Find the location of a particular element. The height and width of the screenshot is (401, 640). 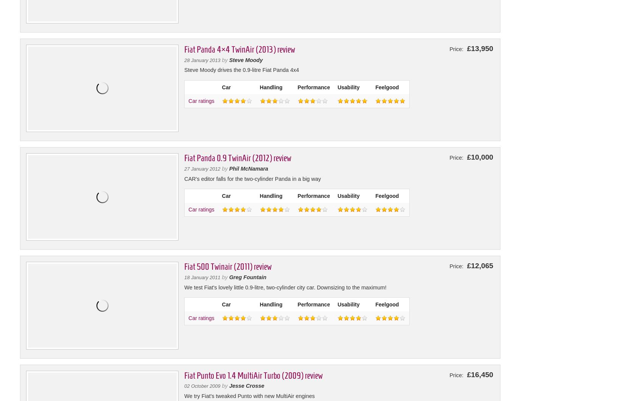

'Fiat Panda 4×4 TwinAir (2013) review' is located at coordinates (239, 49).